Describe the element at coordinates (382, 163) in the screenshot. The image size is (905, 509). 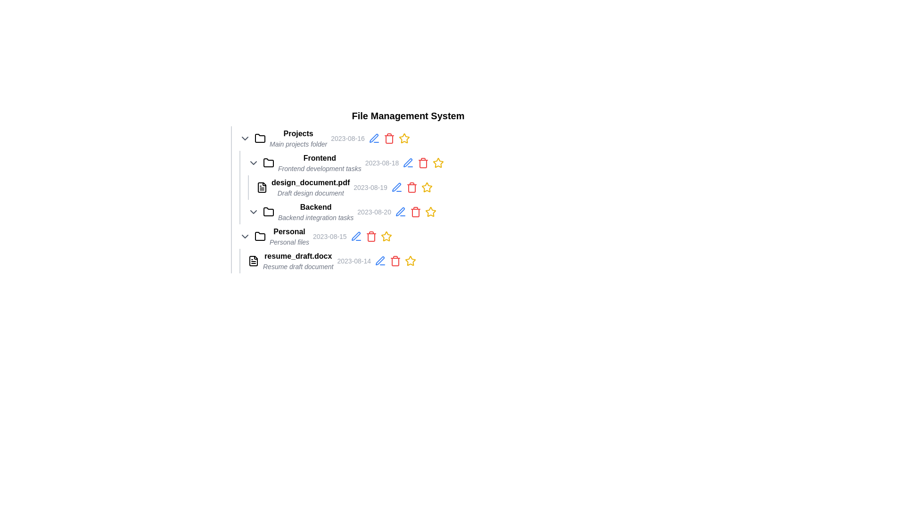
I see `the metadata text label displaying the date '2023-08-18' associated with the 'Frontend' entry in the hierarchical file management system interface` at that location.